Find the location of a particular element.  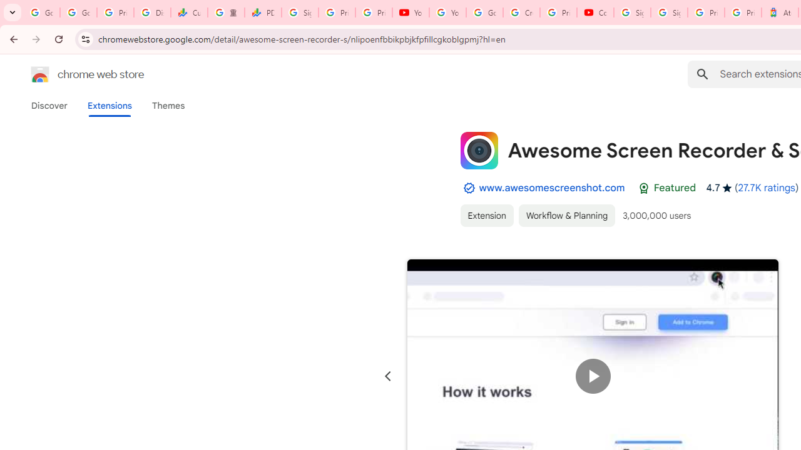

'Discover' is located at coordinates (49, 105).